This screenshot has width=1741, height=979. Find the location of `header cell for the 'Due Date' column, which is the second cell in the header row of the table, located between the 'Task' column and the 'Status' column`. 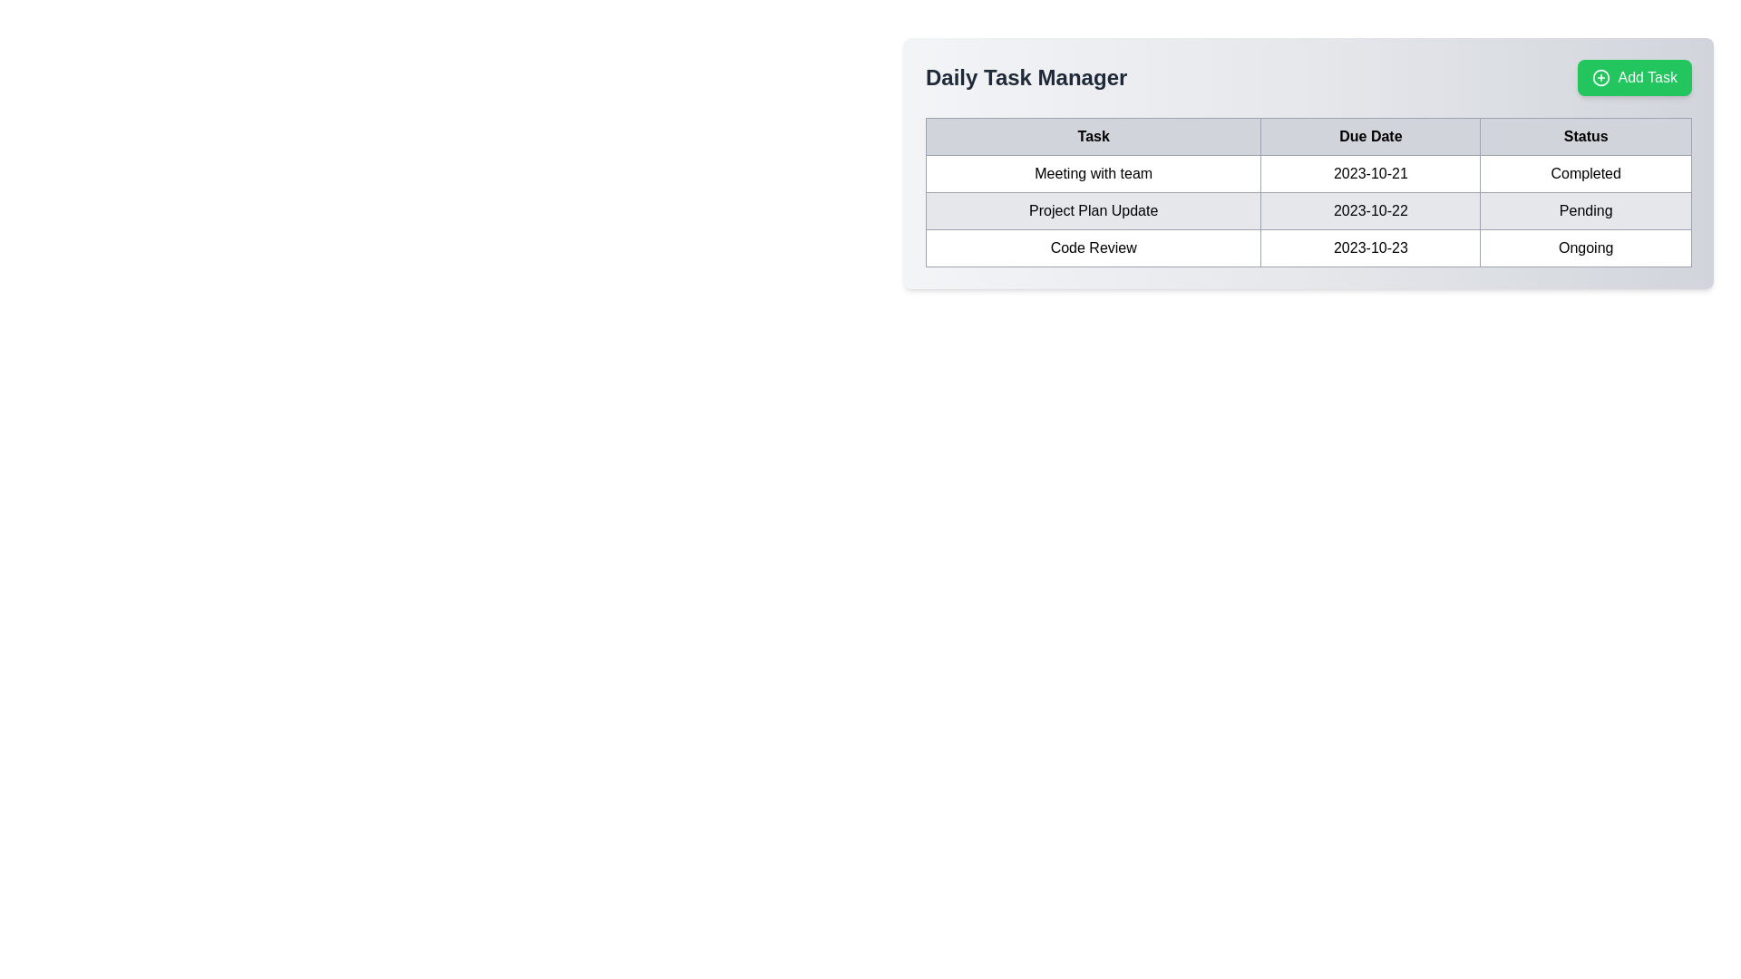

header cell for the 'Due Date' column, which is the second cell in the header row of the table, located between the 'Task' column and the 'Status' column is located at coordinates (1370, 135).